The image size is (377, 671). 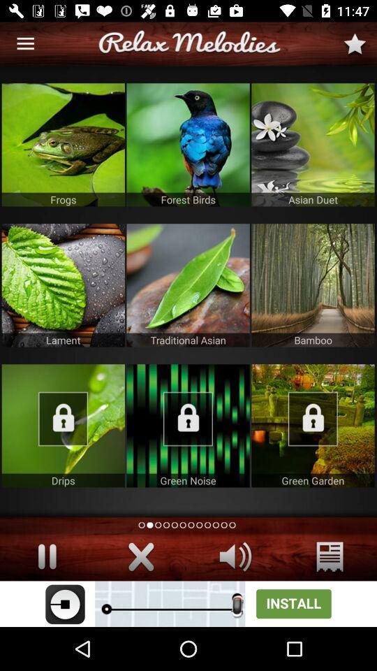 I want to click on sepkar, so click(x=235, y=556).